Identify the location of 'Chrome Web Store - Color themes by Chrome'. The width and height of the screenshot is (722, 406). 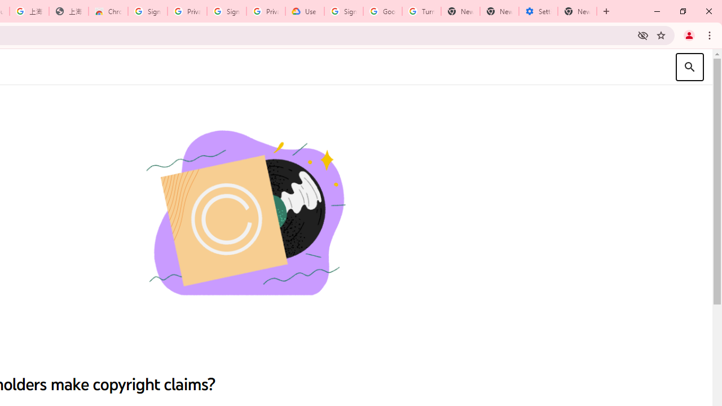
(108, 11).